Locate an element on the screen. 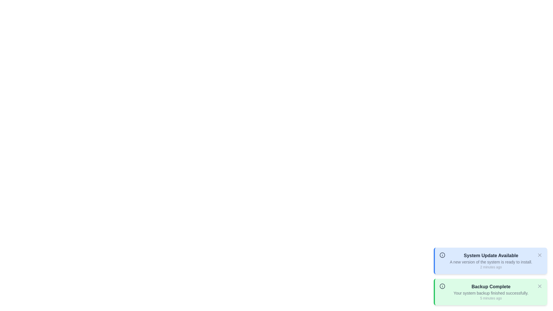  the close button of the notification with title 'Backup Complete' is located at coordinates (539, 286).